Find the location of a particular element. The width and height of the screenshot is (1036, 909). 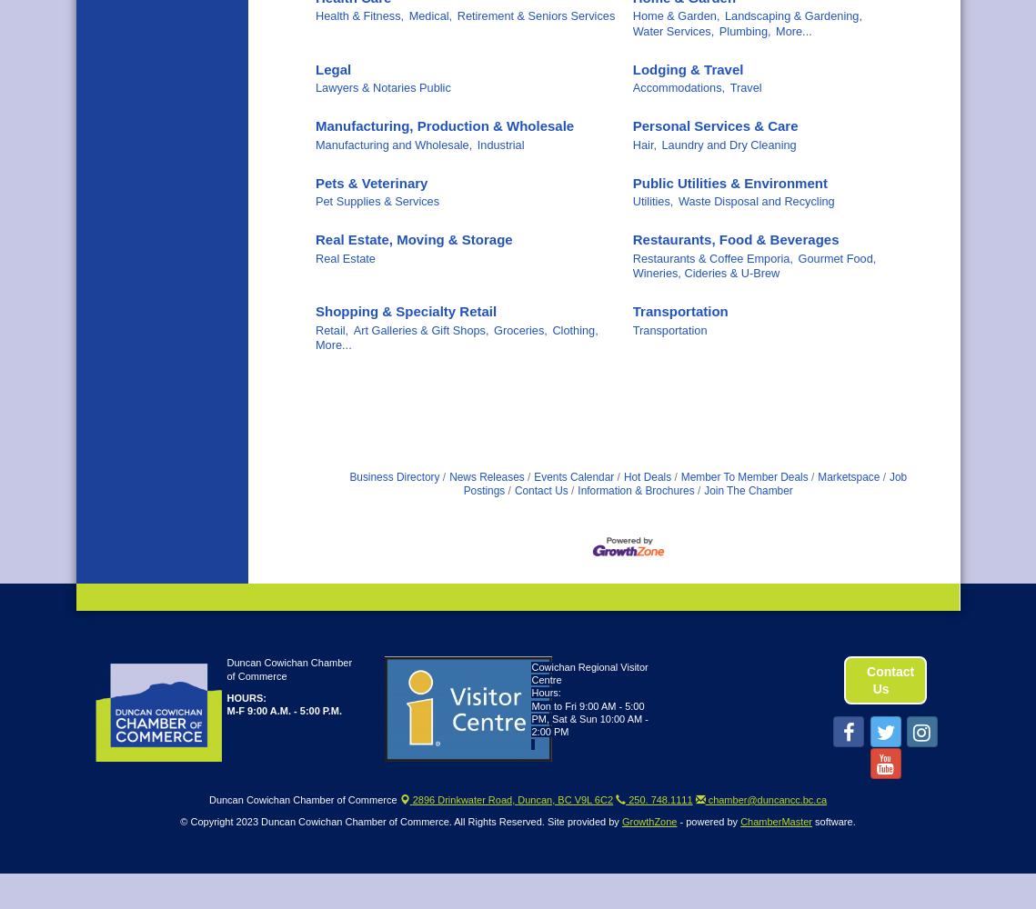

'Information & Brochures' is located at coordinates (635, 491).